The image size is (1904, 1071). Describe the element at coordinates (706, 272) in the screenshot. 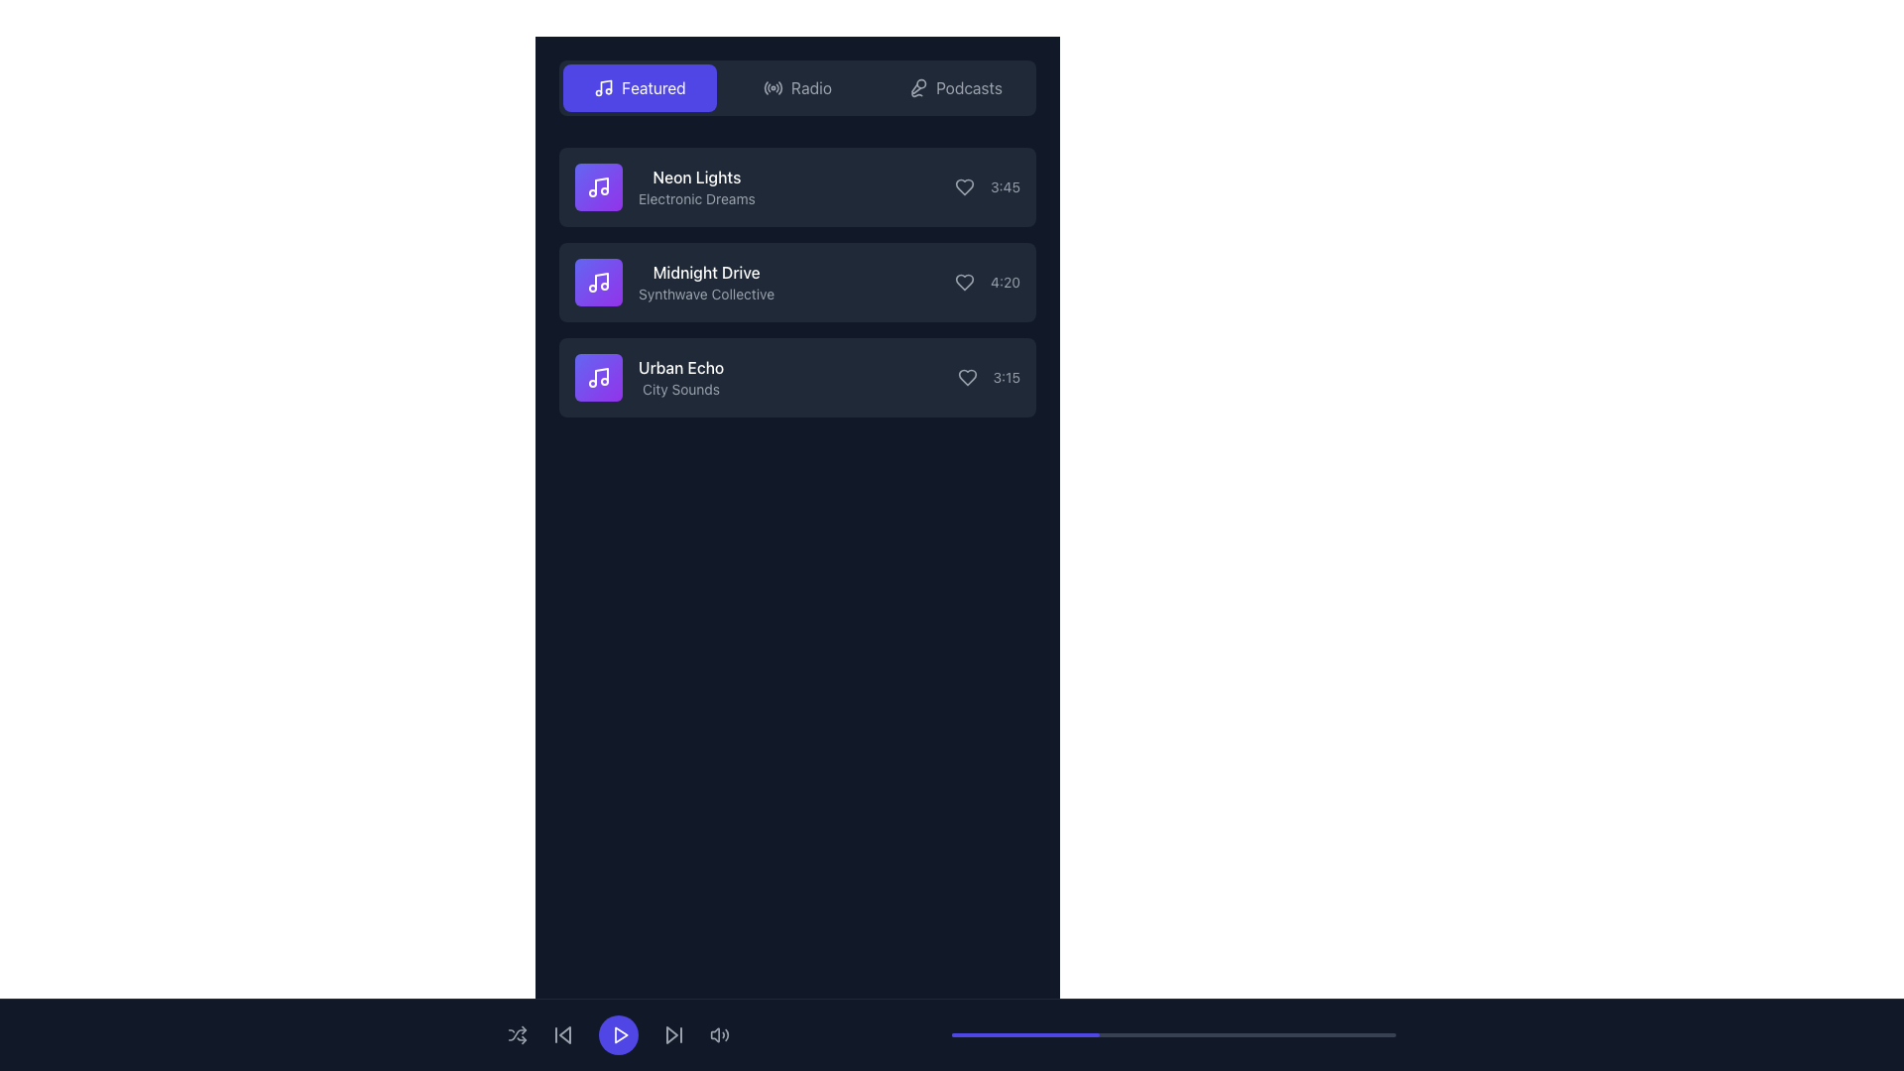

I see `the text label displaying 'Midnight Drive' within the card featuring 'Synthwave Collective' as secondary text` at that location.